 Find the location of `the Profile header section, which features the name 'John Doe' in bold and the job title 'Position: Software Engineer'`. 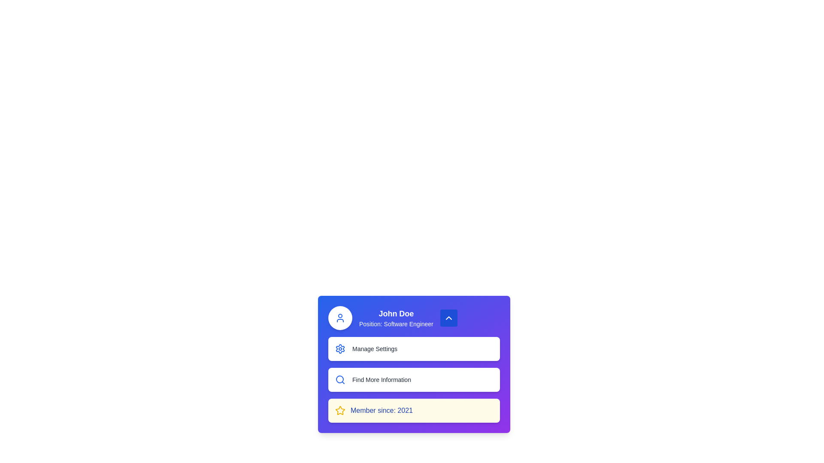

the Profile header section, which features the name 'John Doe' in bold and the job title 'Position: Software Engineer' is located at coordinates (414, 318).